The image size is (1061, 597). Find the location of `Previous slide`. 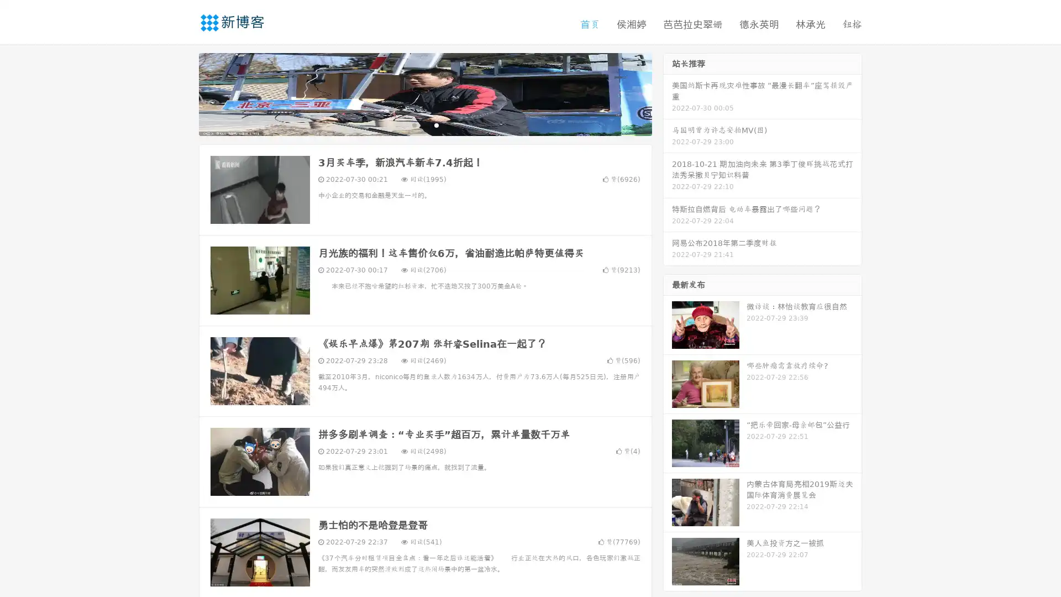

Previous slide is located at coordinates (182, 93).